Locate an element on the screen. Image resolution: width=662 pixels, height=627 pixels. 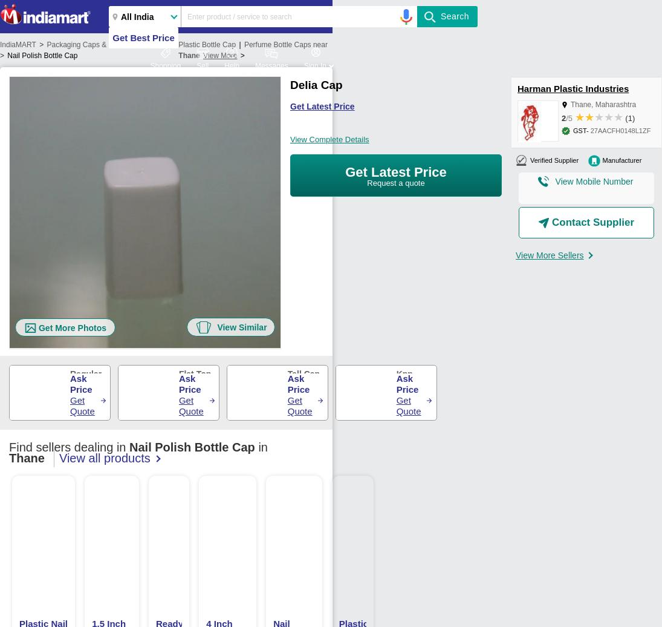
'27AACFH0148L1ZF' is located at coordinates (620, 131).